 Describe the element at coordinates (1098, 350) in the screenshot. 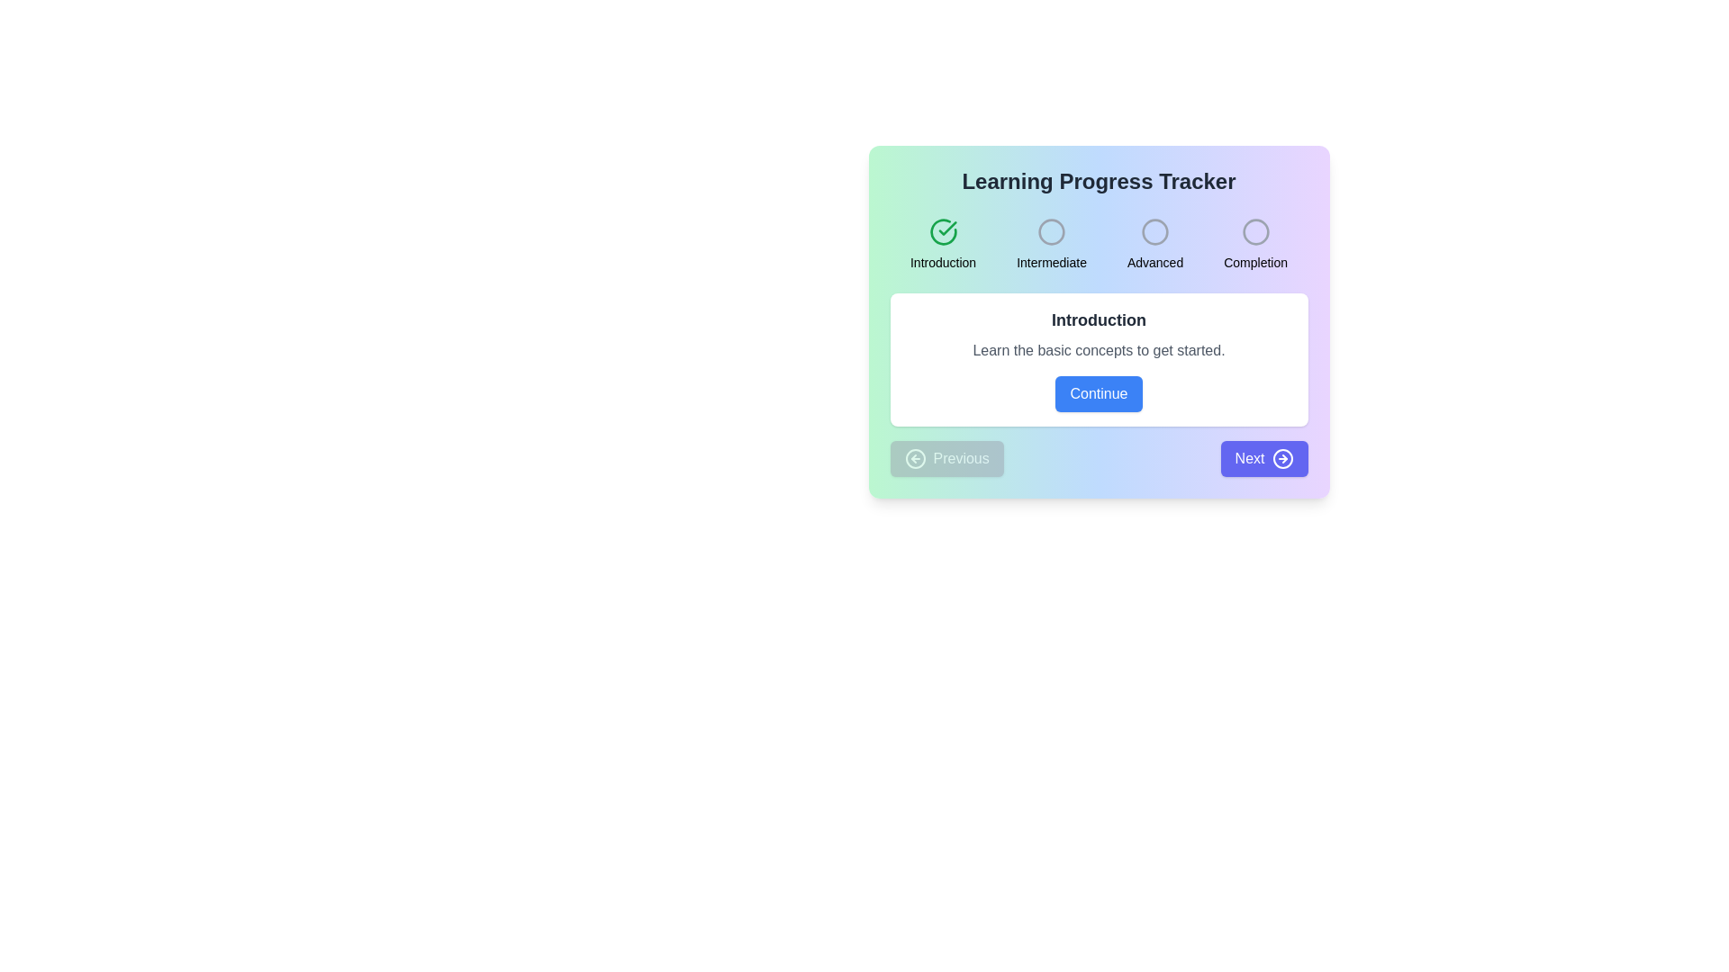

I see `the text element that provides a brief description related to the 'Introduction' section within the 'Learning Progress Tracker' panel` at that location.